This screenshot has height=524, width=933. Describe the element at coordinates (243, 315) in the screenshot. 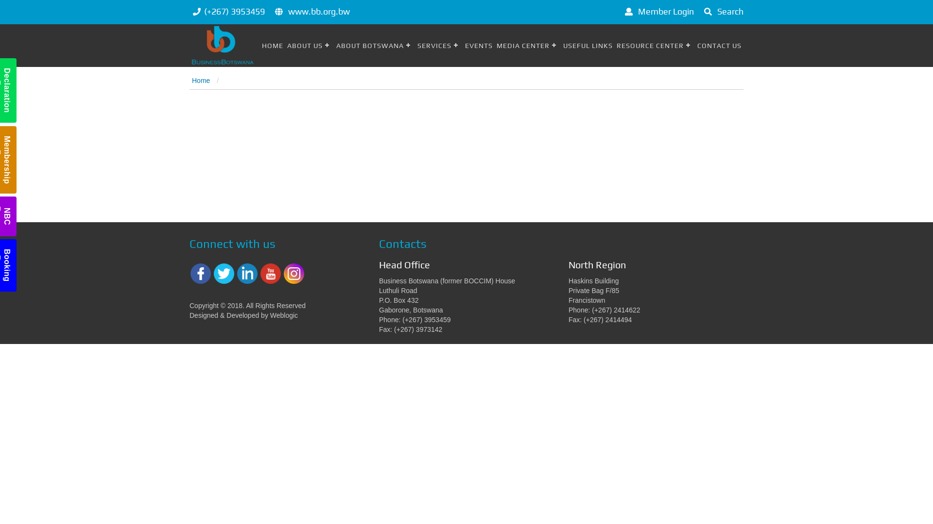

I see `'Designed & Developed by Weblogic'` at that location.